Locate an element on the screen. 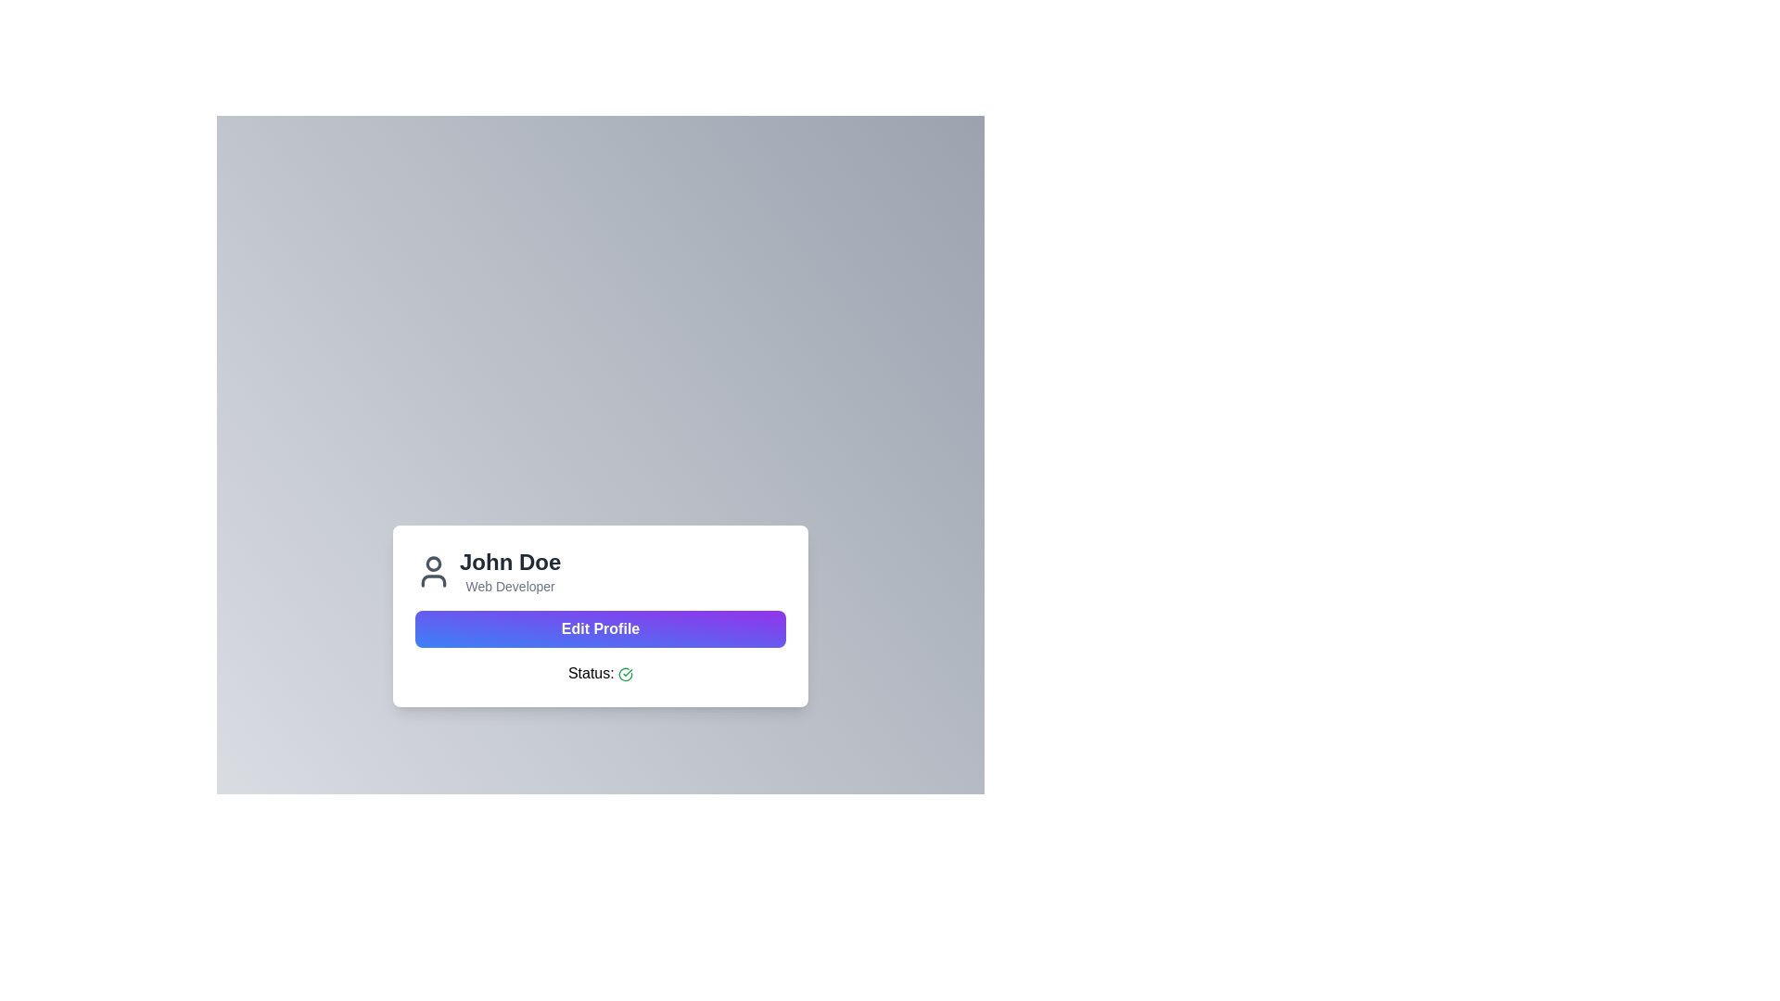  the text display element showing the user's professional title 'Web Developer', located below the name 'John Doe' in the user profile card is located at coordinates (510, 586).